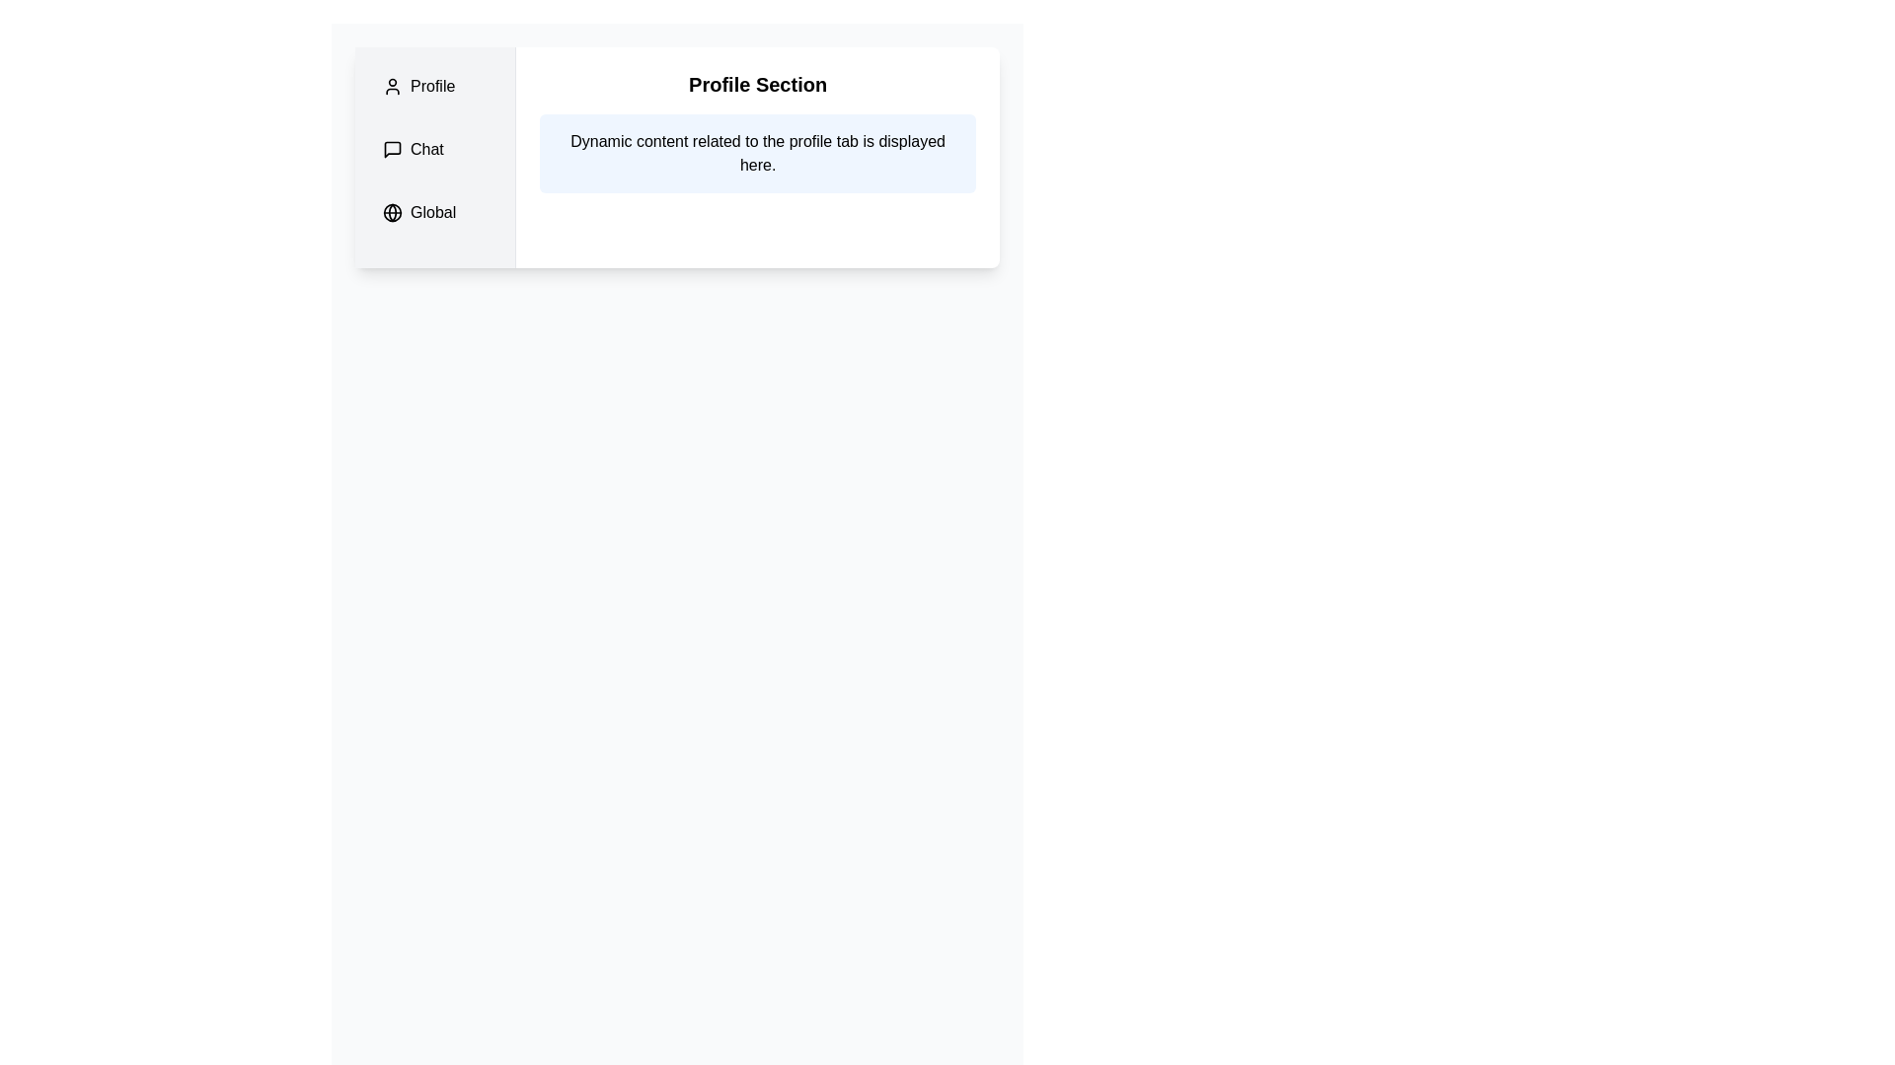 The width and height of the screenshot is (1895, 1065). Describe the element at coordinates (393, 86) in the screenshot. I see `the user icon represented as an SVG graphic in the 'Profile' tab of the vertical navigation menu, positioned to the left of the 'Profile' label` at that location.